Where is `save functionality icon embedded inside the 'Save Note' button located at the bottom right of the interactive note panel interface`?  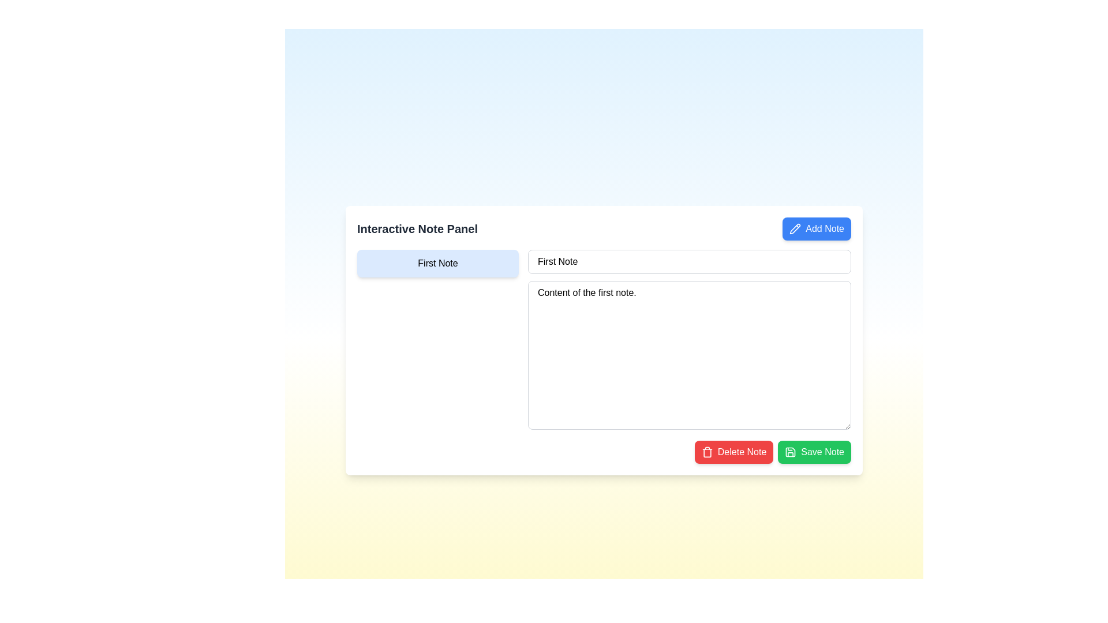
save functionality icon embedded inside the 'Save Note' button located at the bottom right of the interactive note panel interface is located at coordinates (790, 451).